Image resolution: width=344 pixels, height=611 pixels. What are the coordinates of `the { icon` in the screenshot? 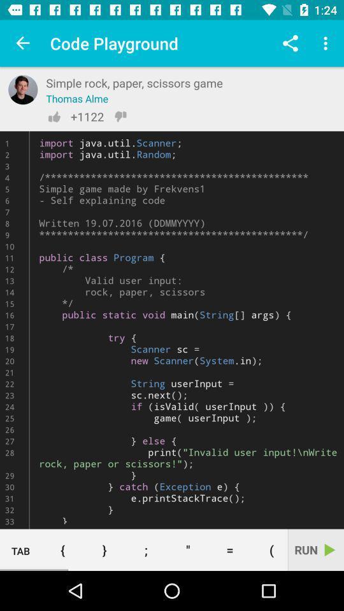 It's located at (62, 549).